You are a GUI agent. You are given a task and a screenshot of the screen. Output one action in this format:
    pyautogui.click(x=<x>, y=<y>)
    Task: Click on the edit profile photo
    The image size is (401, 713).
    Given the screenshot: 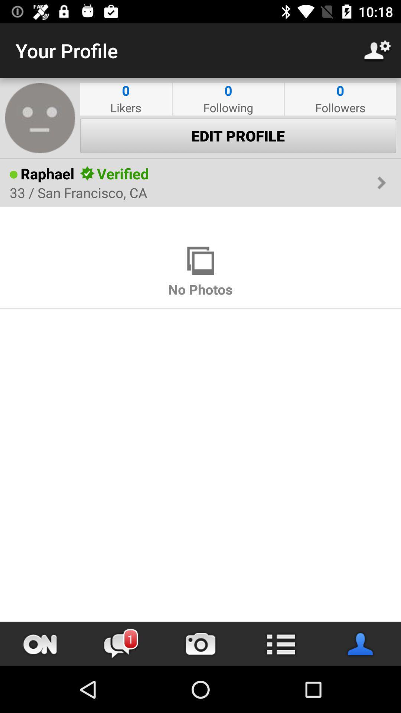 What is the action you would take?
    pyautogui.click(x=40, y=117)
    